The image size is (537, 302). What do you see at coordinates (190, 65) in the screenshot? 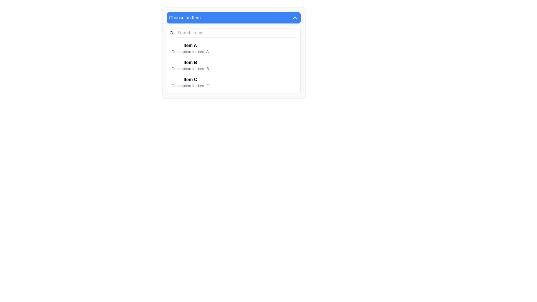
I see `the list item containing the bold title 'Item B' and the description 'Description for item B'` at bounding box center [190, 65].